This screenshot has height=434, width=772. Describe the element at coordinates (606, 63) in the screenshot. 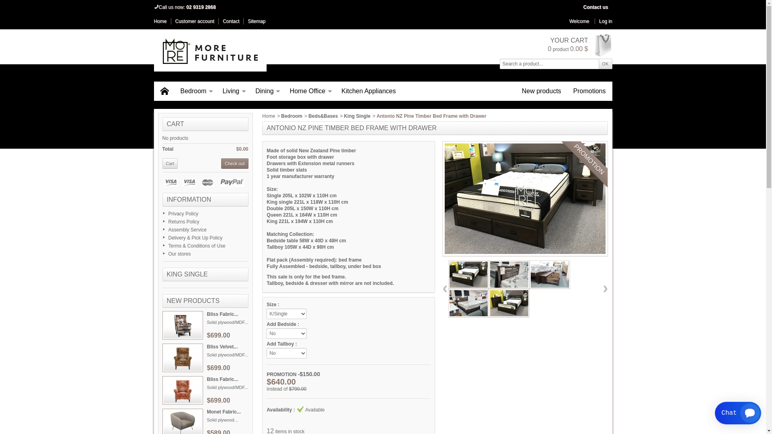

I see `'OK'` at that location.